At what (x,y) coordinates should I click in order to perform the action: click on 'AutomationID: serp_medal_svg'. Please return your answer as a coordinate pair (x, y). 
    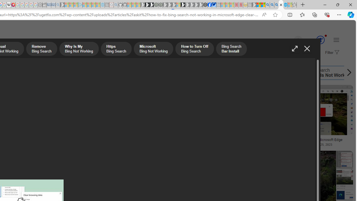
    Looking at the image, I should click on (320, 39).